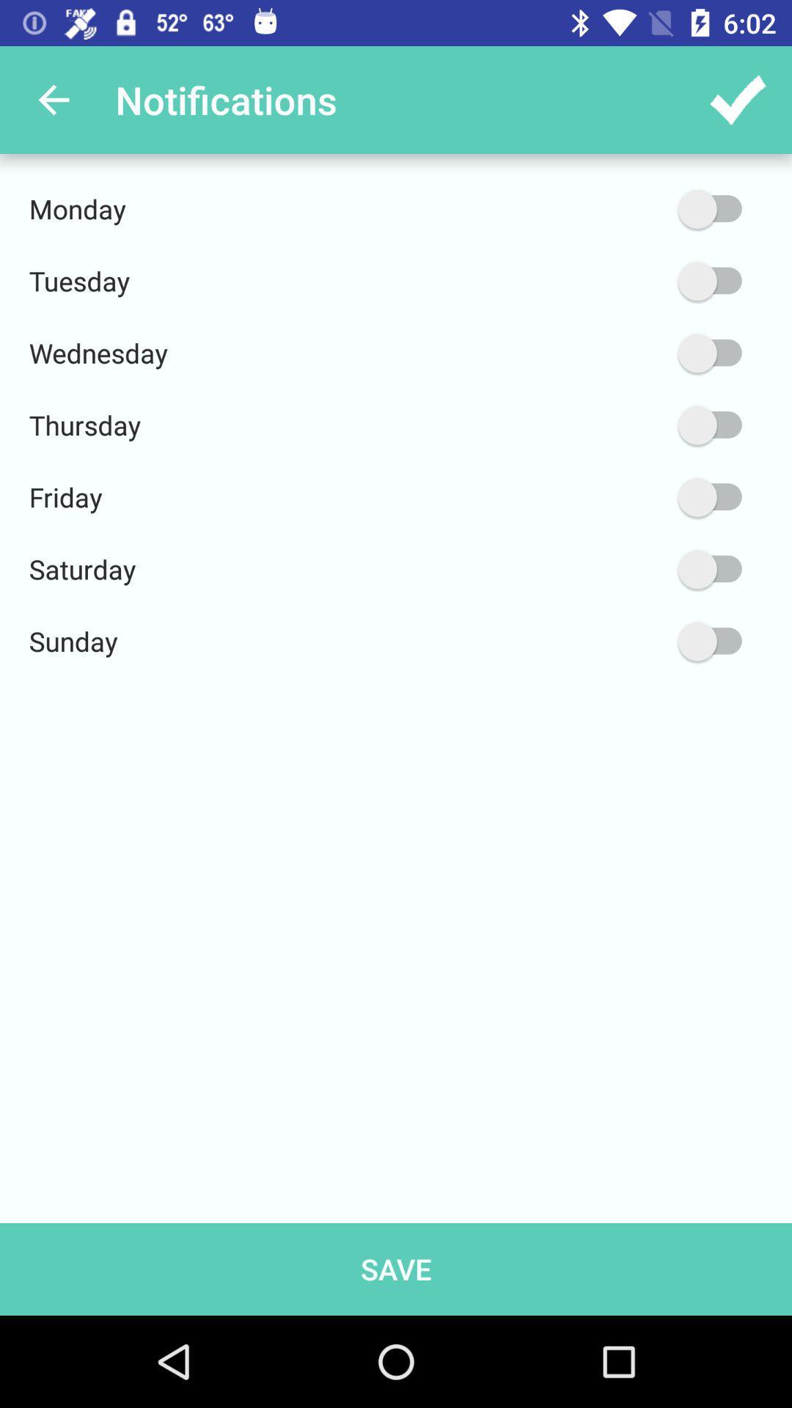 The image size is (792, 1408). What do you see at coordinates (639, 641) in the screenshot?
I see `the item to the right of sunday icon` at bounding box center [639, 641].